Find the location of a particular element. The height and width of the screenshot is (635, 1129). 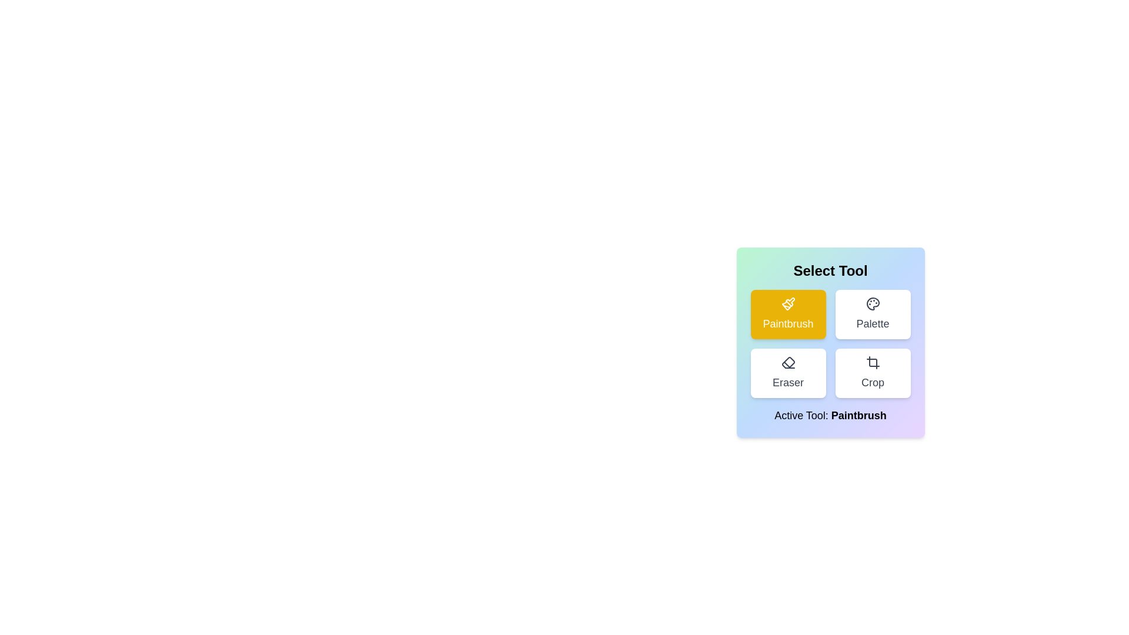

the Eraser button to observe its hover effect is located at coordinates (788, 373).